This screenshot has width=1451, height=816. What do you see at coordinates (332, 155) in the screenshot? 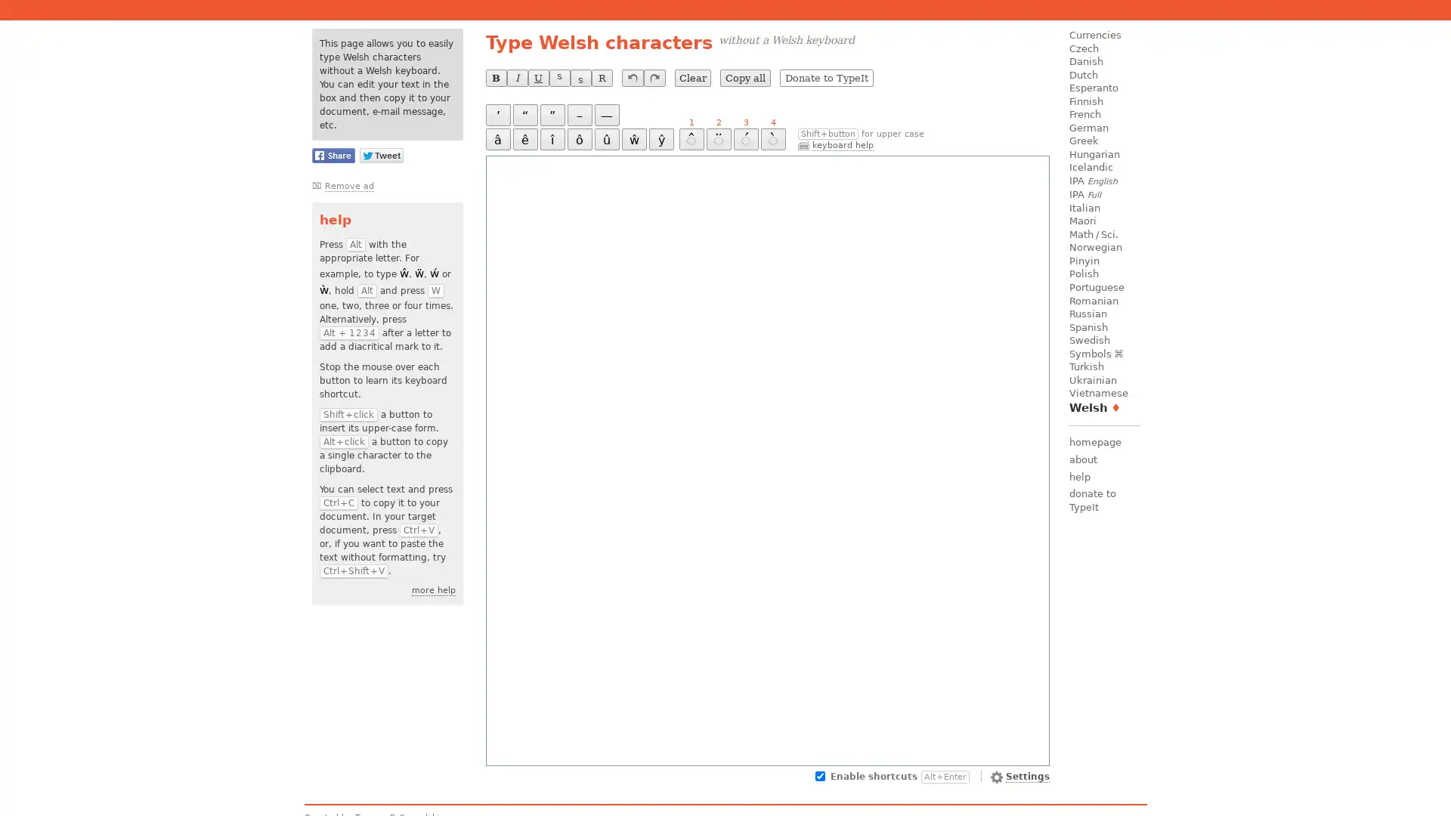
I see `Share this page on Facebook` at bounding box center [332, 155].